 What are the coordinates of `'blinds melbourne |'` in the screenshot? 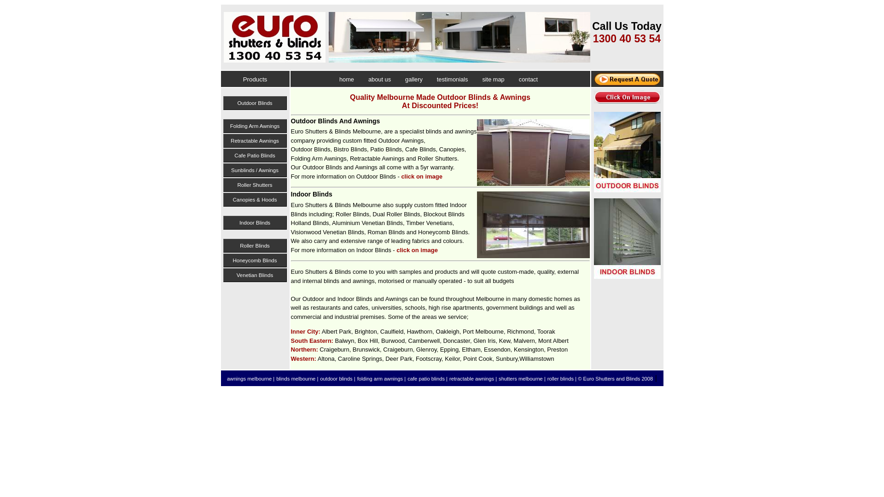 It's located at (297, 378).